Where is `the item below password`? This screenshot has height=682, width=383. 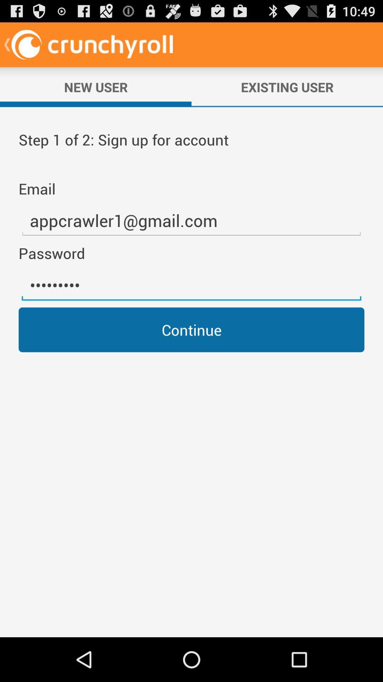 the item below password is located at coordinates (191, 285).